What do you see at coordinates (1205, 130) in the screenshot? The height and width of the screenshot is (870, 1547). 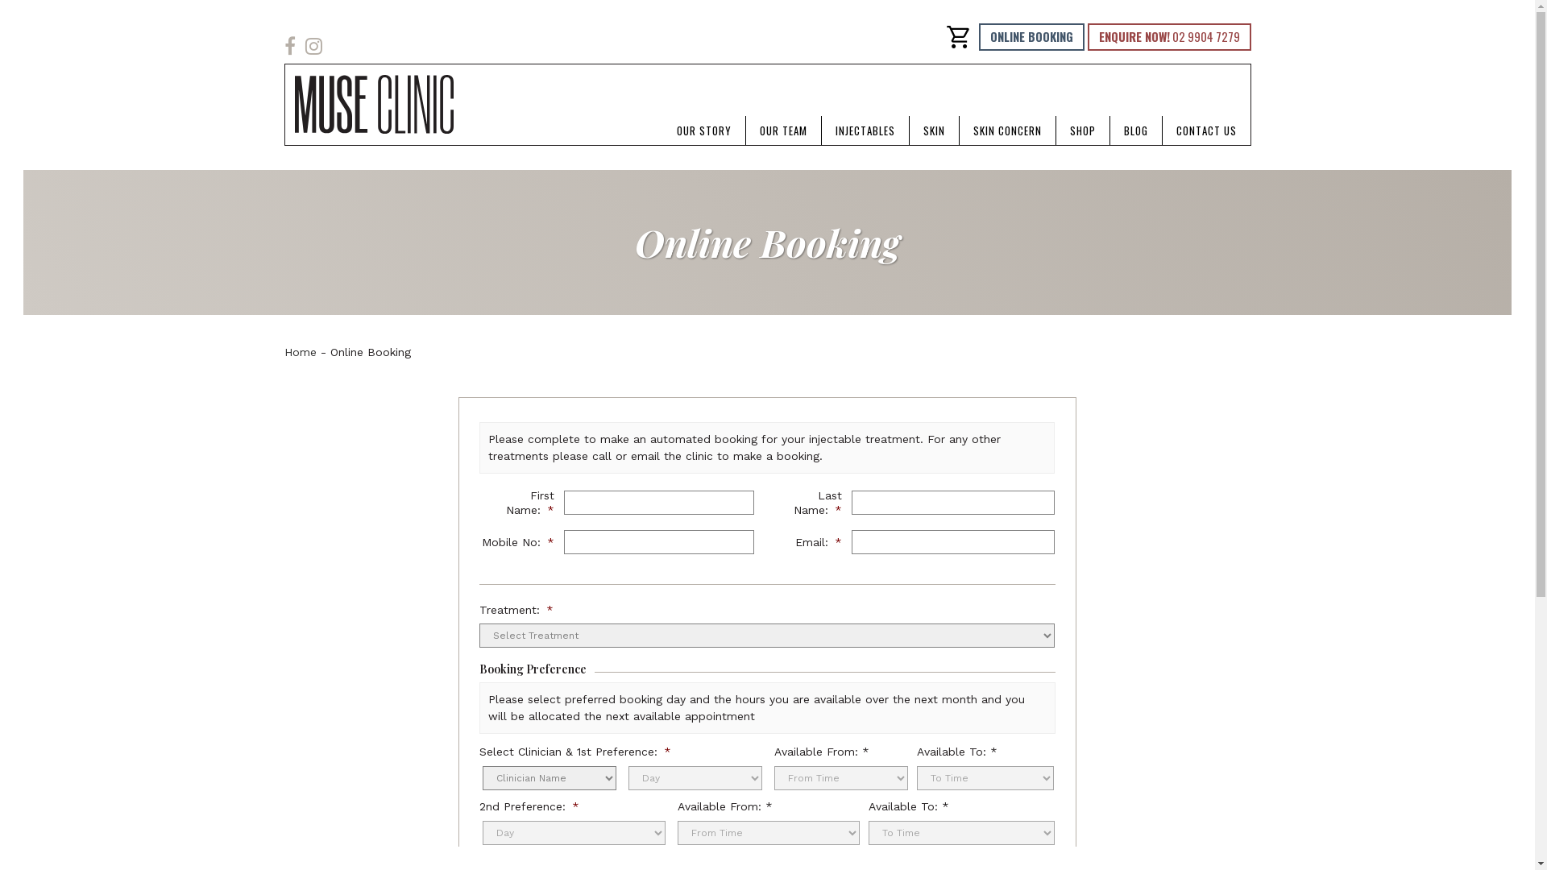 I see `'CONTACT US'` at bounding box center [1205, 130].